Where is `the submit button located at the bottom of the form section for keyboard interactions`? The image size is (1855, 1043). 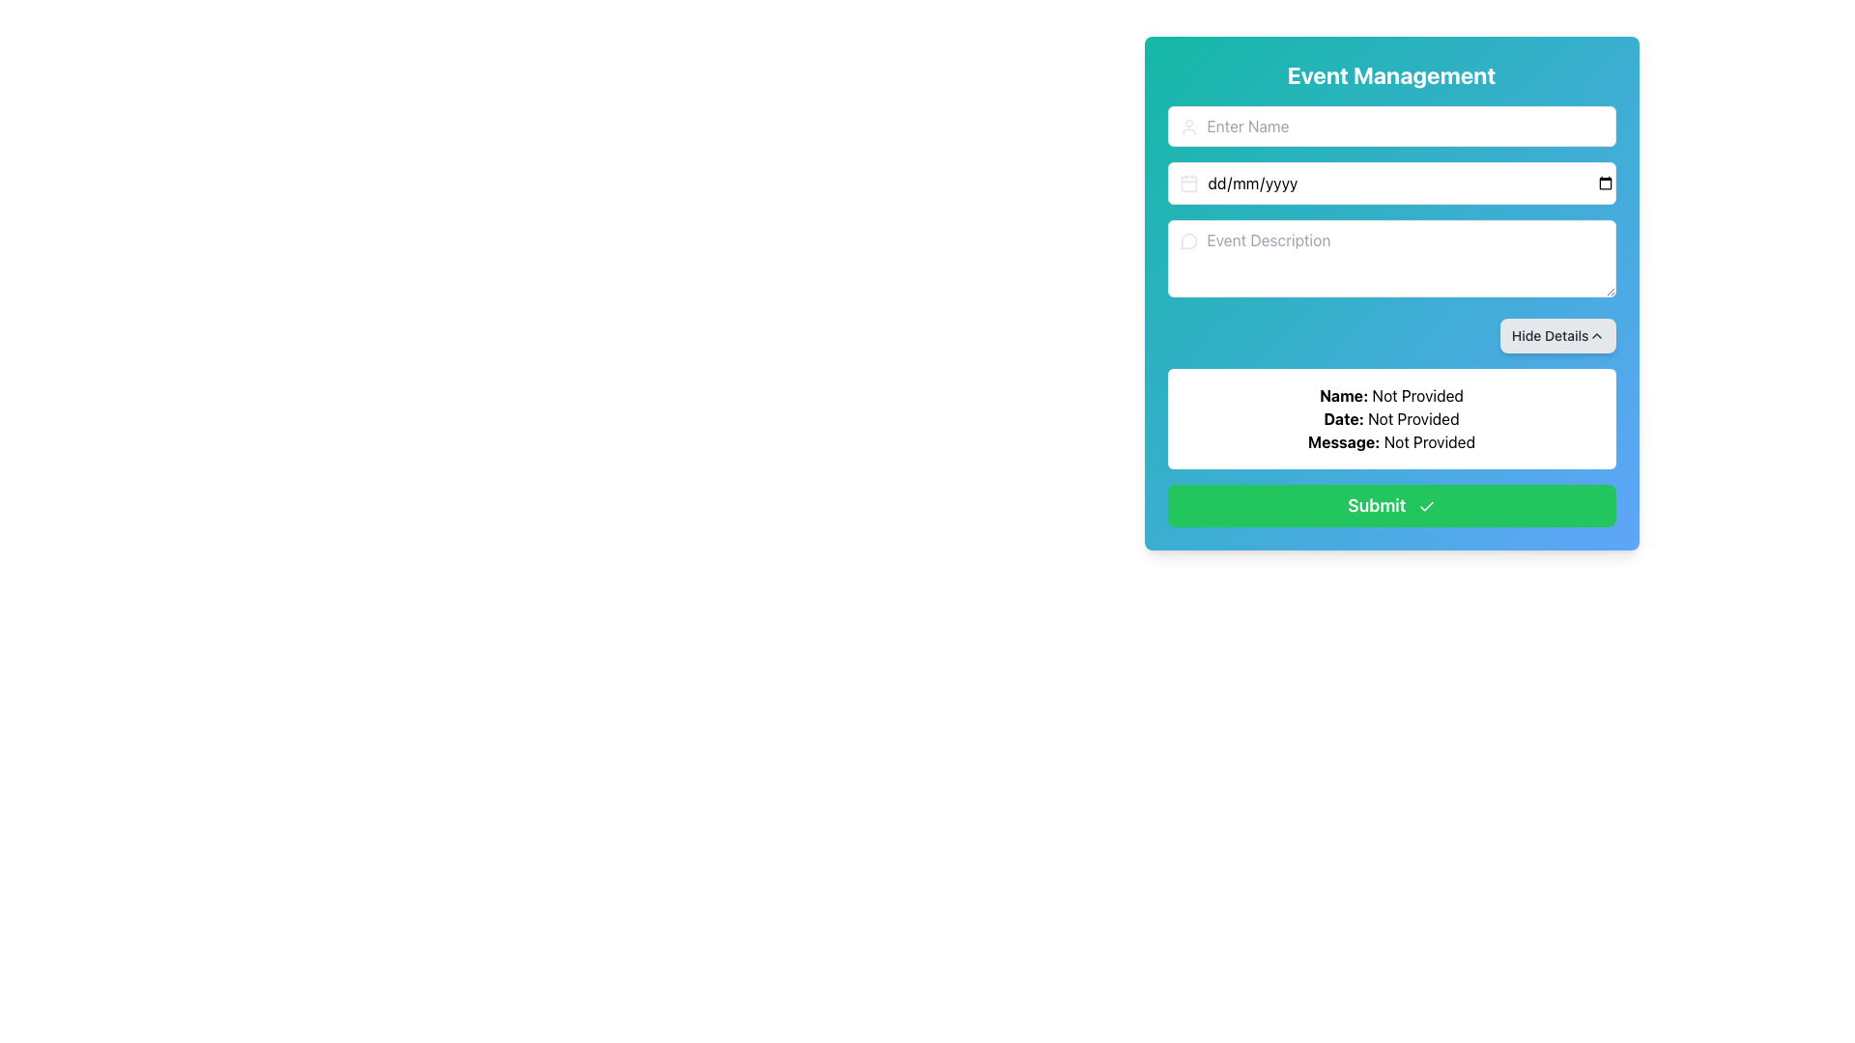
the submit button located at the bottom of the form section for keyboard interactions is located at coordinates (1391, 505).